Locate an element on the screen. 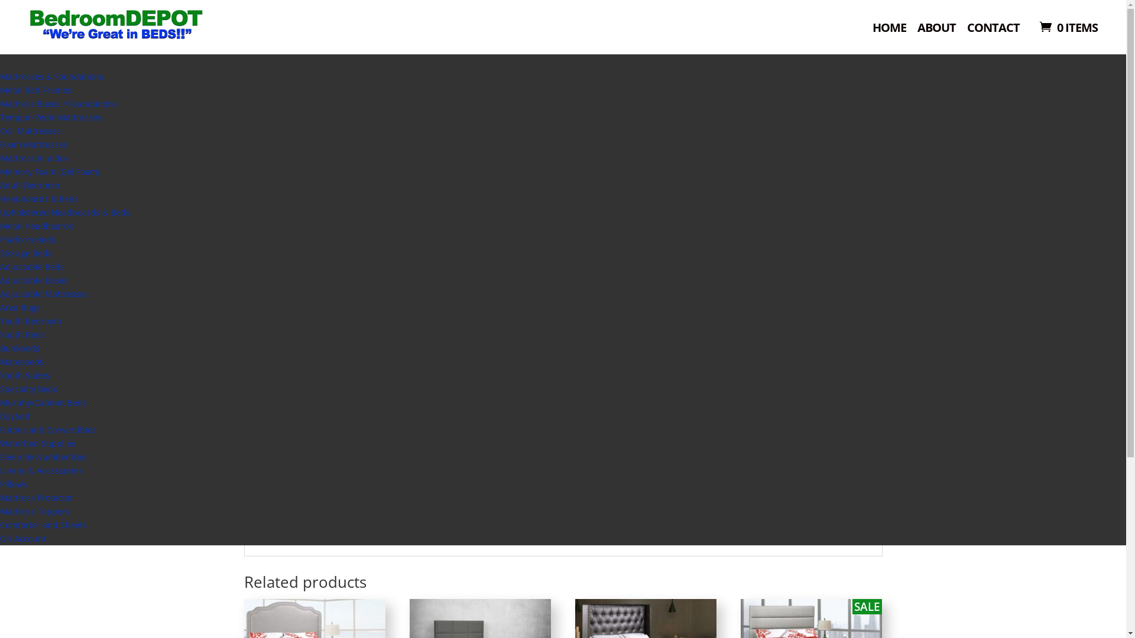 Image resolution: width=1135 pixels, height=638 pixels. 'Mattress Bases / Foundations' is located at coordinates (0, 103).